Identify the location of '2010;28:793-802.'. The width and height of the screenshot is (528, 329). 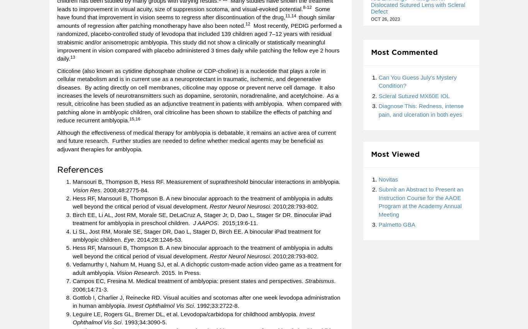
(295, 206).